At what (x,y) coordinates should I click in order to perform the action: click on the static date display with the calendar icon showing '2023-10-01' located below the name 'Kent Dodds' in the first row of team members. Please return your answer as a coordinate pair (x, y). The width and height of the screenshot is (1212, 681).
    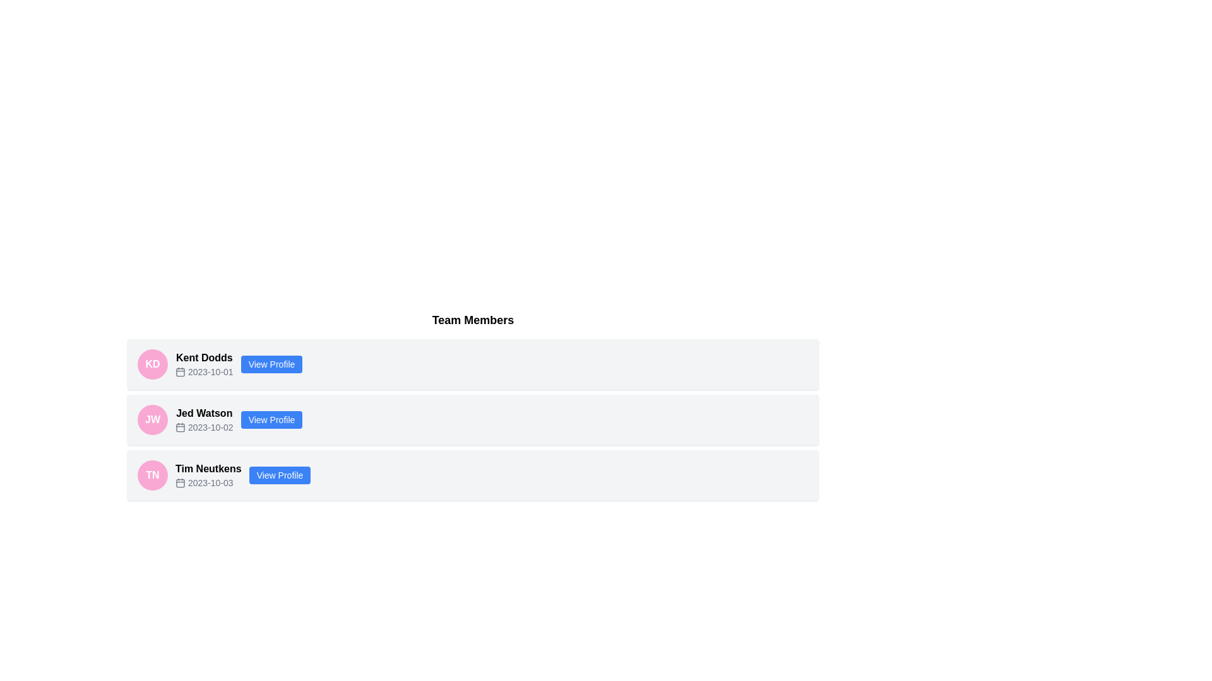
    Looking at the image, I should click on (204, 371).